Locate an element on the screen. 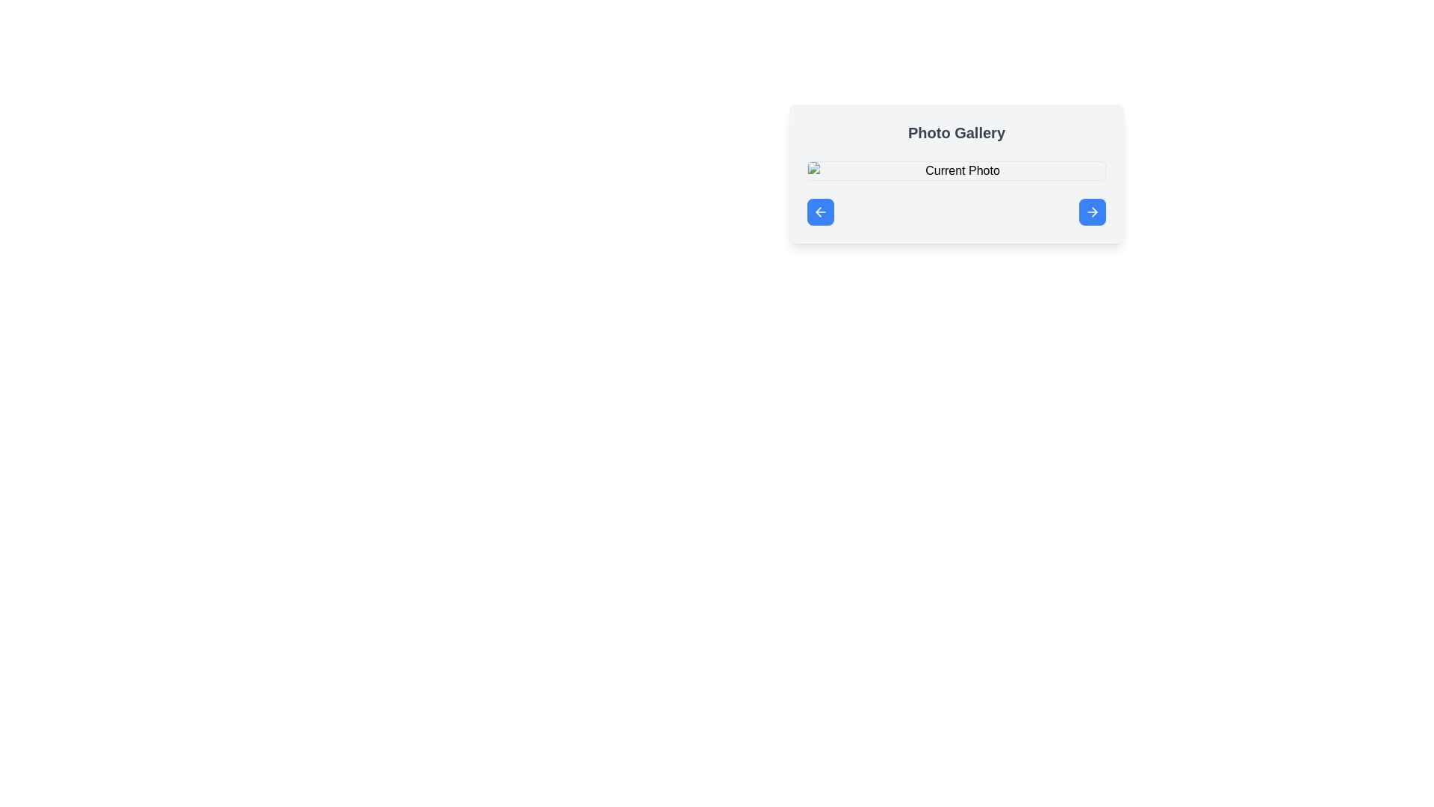 This screenshot has width=1434, height=807. the left navigation button in the gallery view is located at coordinates (820, 212).